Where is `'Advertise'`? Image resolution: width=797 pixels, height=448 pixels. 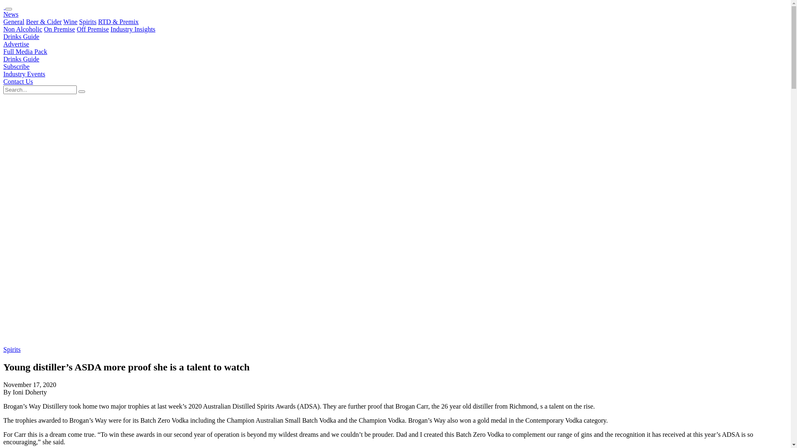 'Advertise' is located at coordinates (3, 44).